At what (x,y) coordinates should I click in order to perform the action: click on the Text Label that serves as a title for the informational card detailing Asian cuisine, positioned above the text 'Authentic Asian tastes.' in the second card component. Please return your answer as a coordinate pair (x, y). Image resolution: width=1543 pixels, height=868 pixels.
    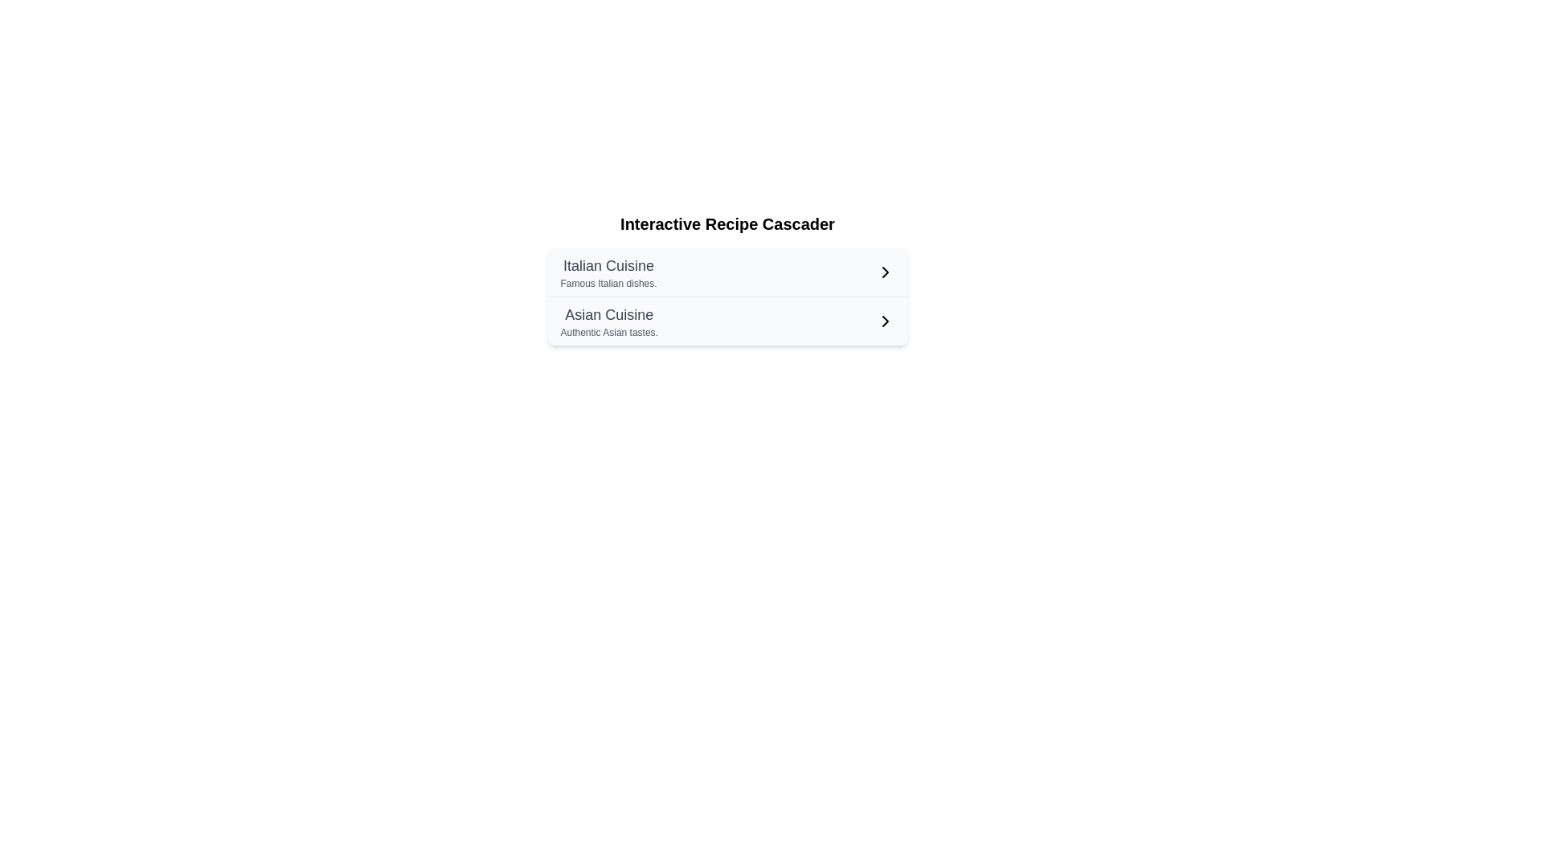
    Looking at the image, I should click on (608, 315).